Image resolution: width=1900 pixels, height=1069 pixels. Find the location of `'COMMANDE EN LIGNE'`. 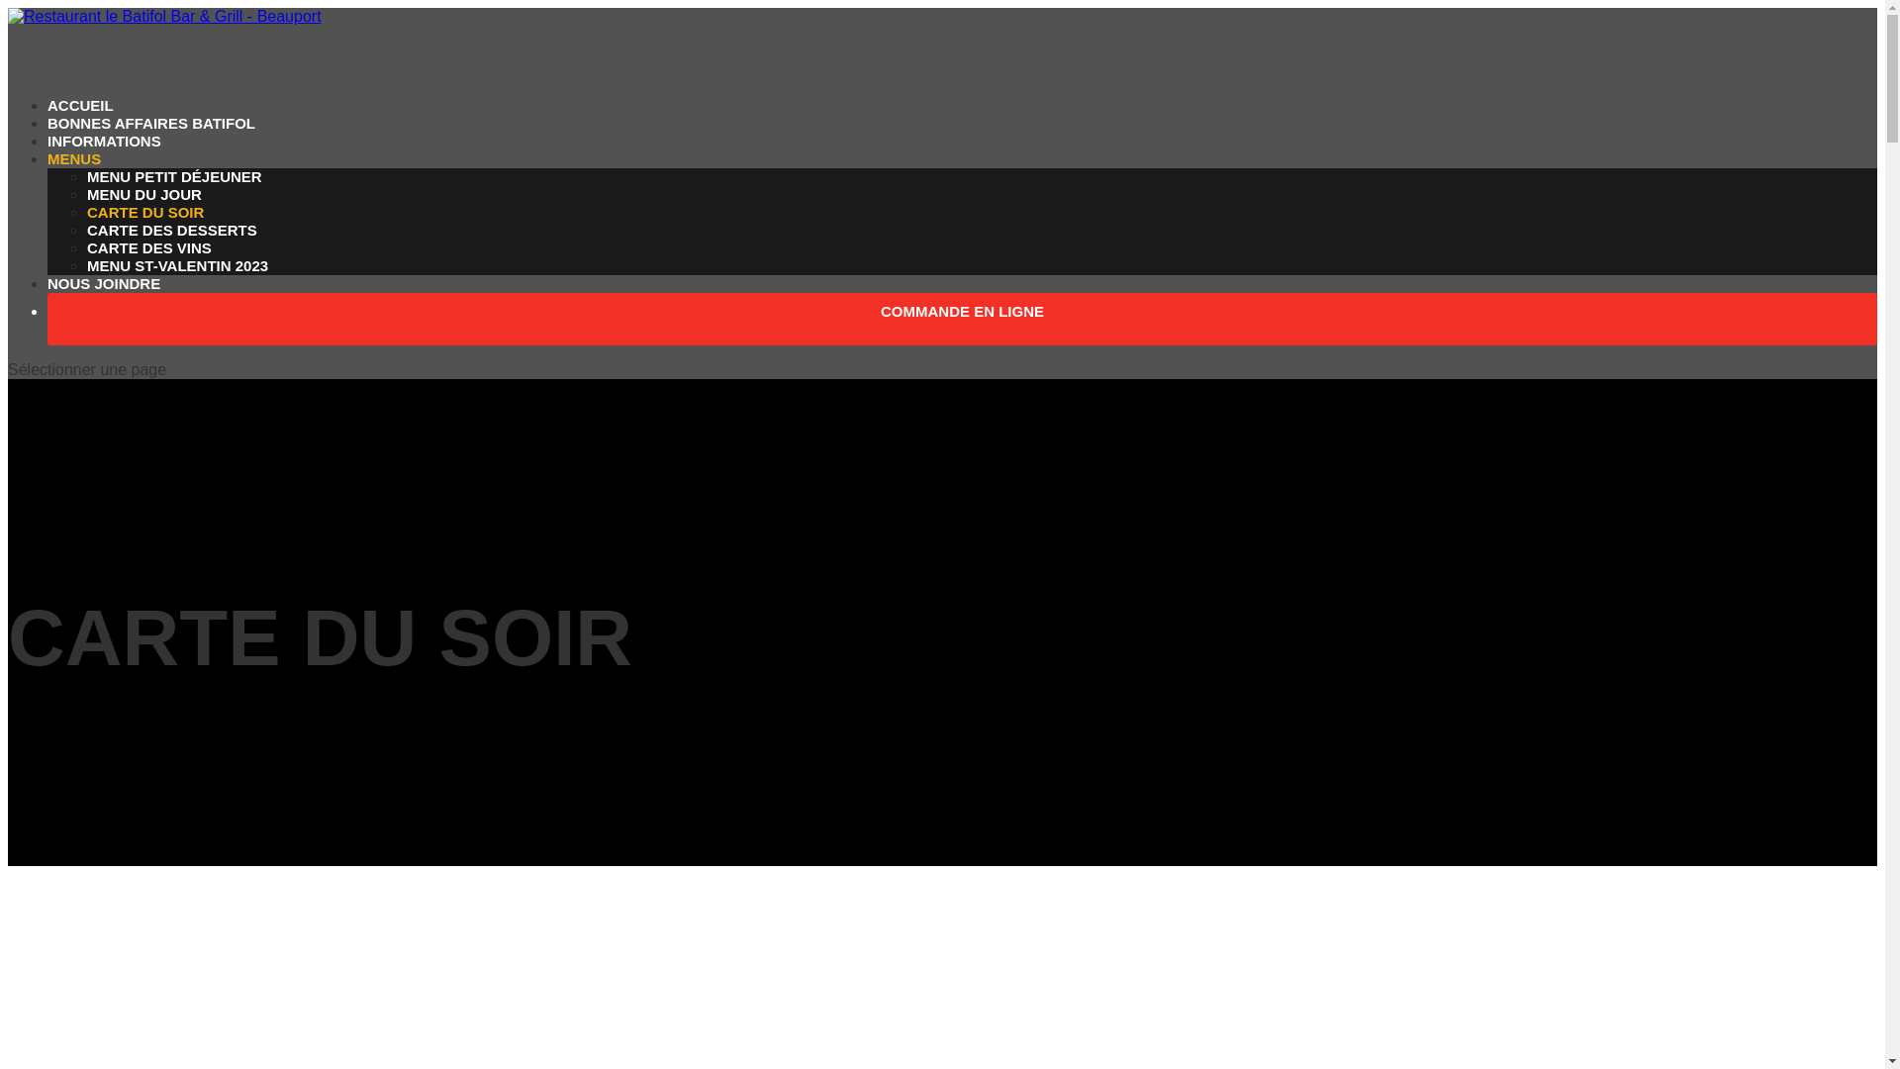

'COMMANDE EN LIGNE' is located at coordinates (962, 338).